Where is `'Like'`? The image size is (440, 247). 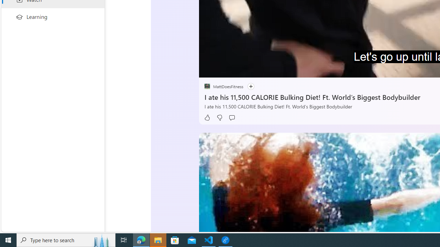
'Like' is located at coordinates (207, 117).